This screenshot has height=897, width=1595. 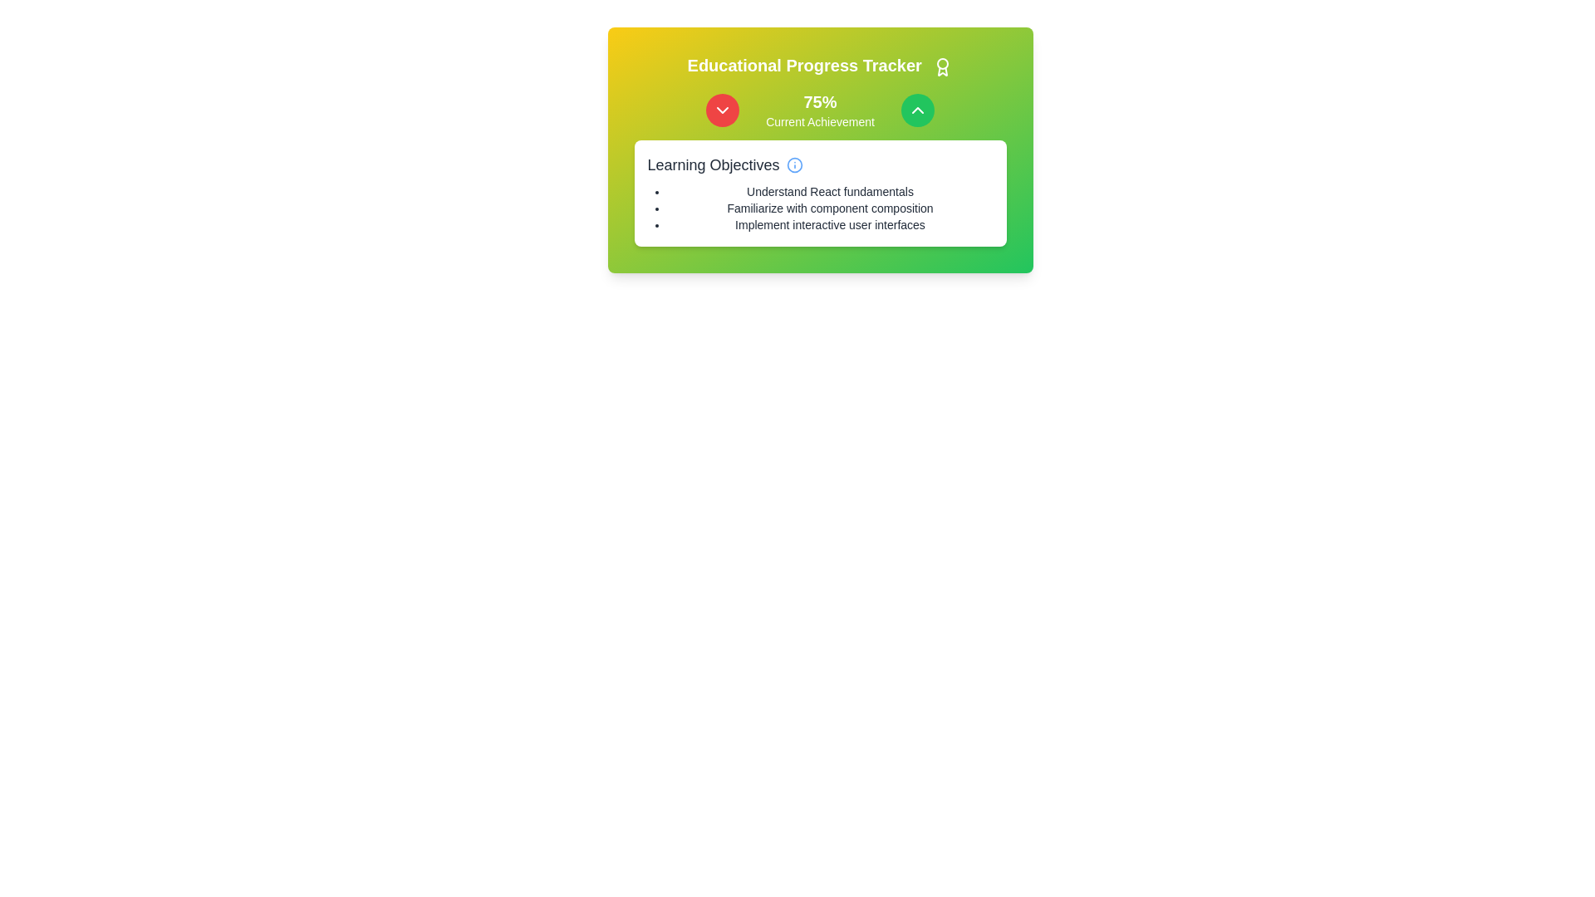 I want to click on the upward navigation button located in the header section of the achievement card, positioned to the right of the '75%' progress indicator, so click(x=916, y=110).